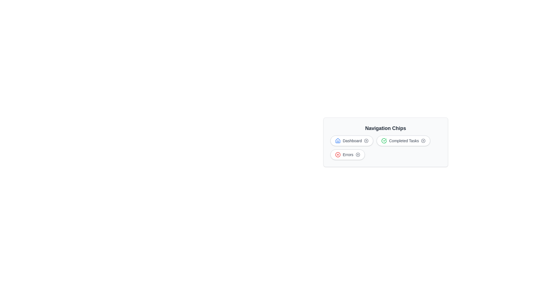 This screenshot has height=300, width=534. I want to click on close button of the chip labeled Completed Tasks, so click(423, 140).